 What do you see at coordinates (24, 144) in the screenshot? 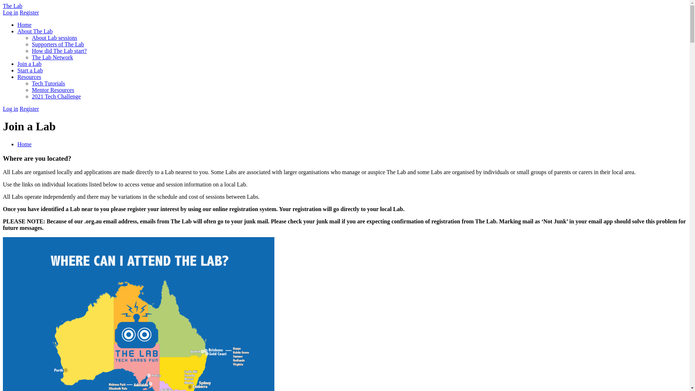
I see `'Home'` at bounding box center [24, 144].